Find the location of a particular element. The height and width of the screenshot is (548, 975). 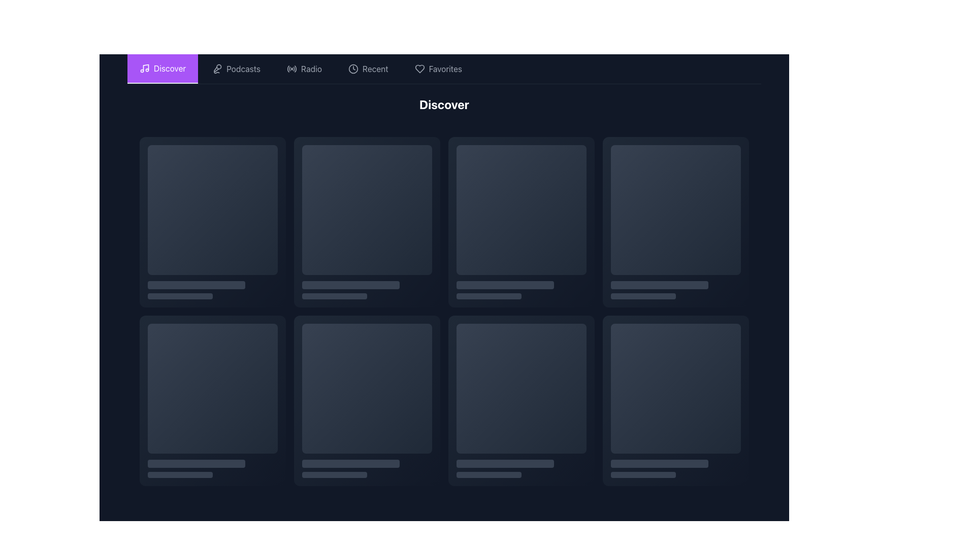

the non-interactive gray progress bar with rounded corners that is positioned below a square thumbnail in the bottom-left corner of the main grid layout is located at coordinates (197, 464).